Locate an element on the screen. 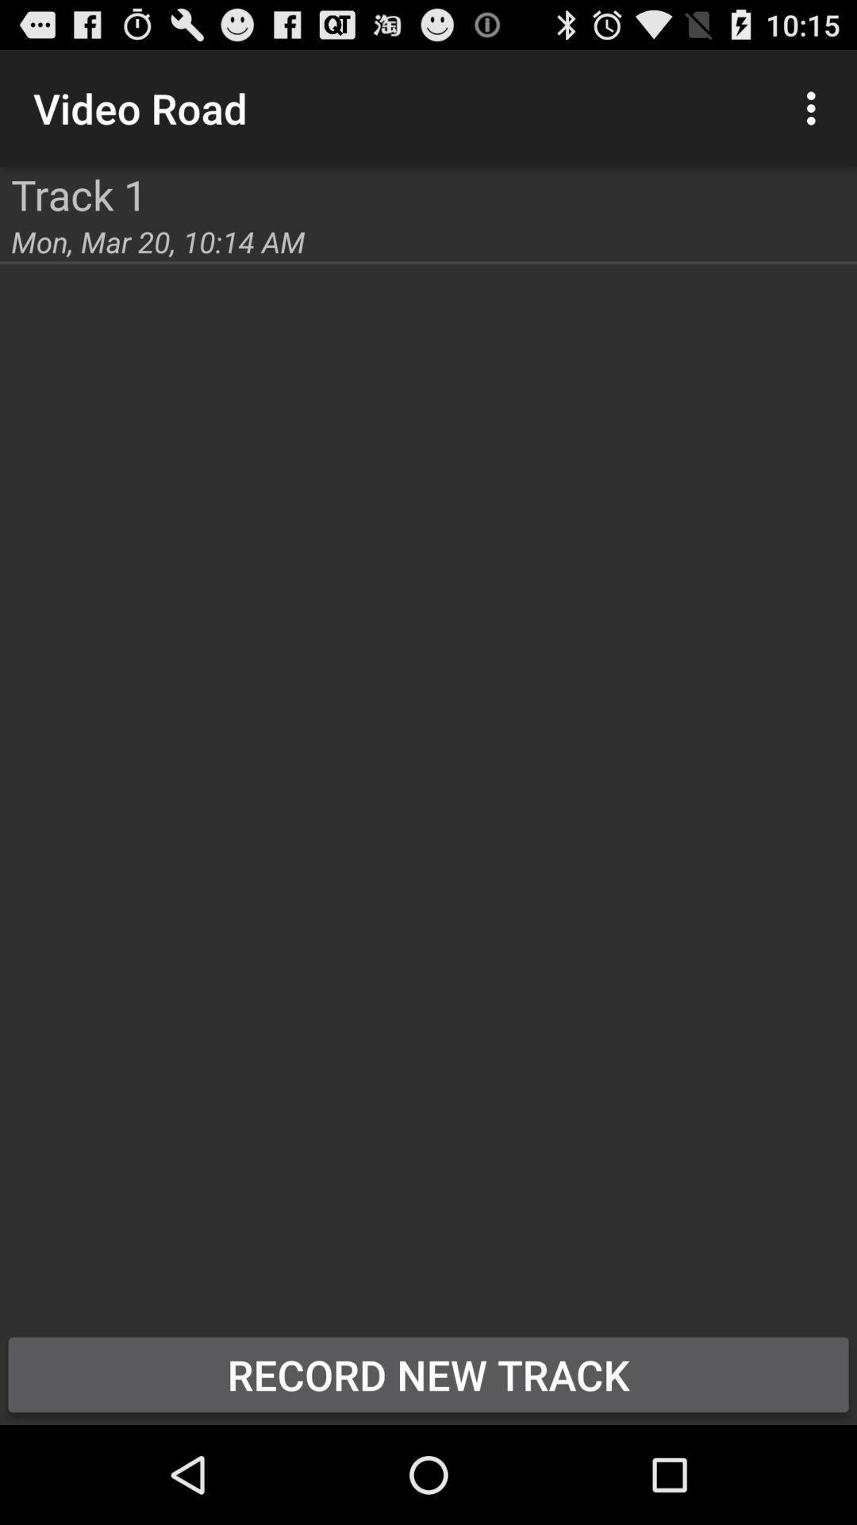  the app above mon mar 20 icon is located at coordinates (79, 193).